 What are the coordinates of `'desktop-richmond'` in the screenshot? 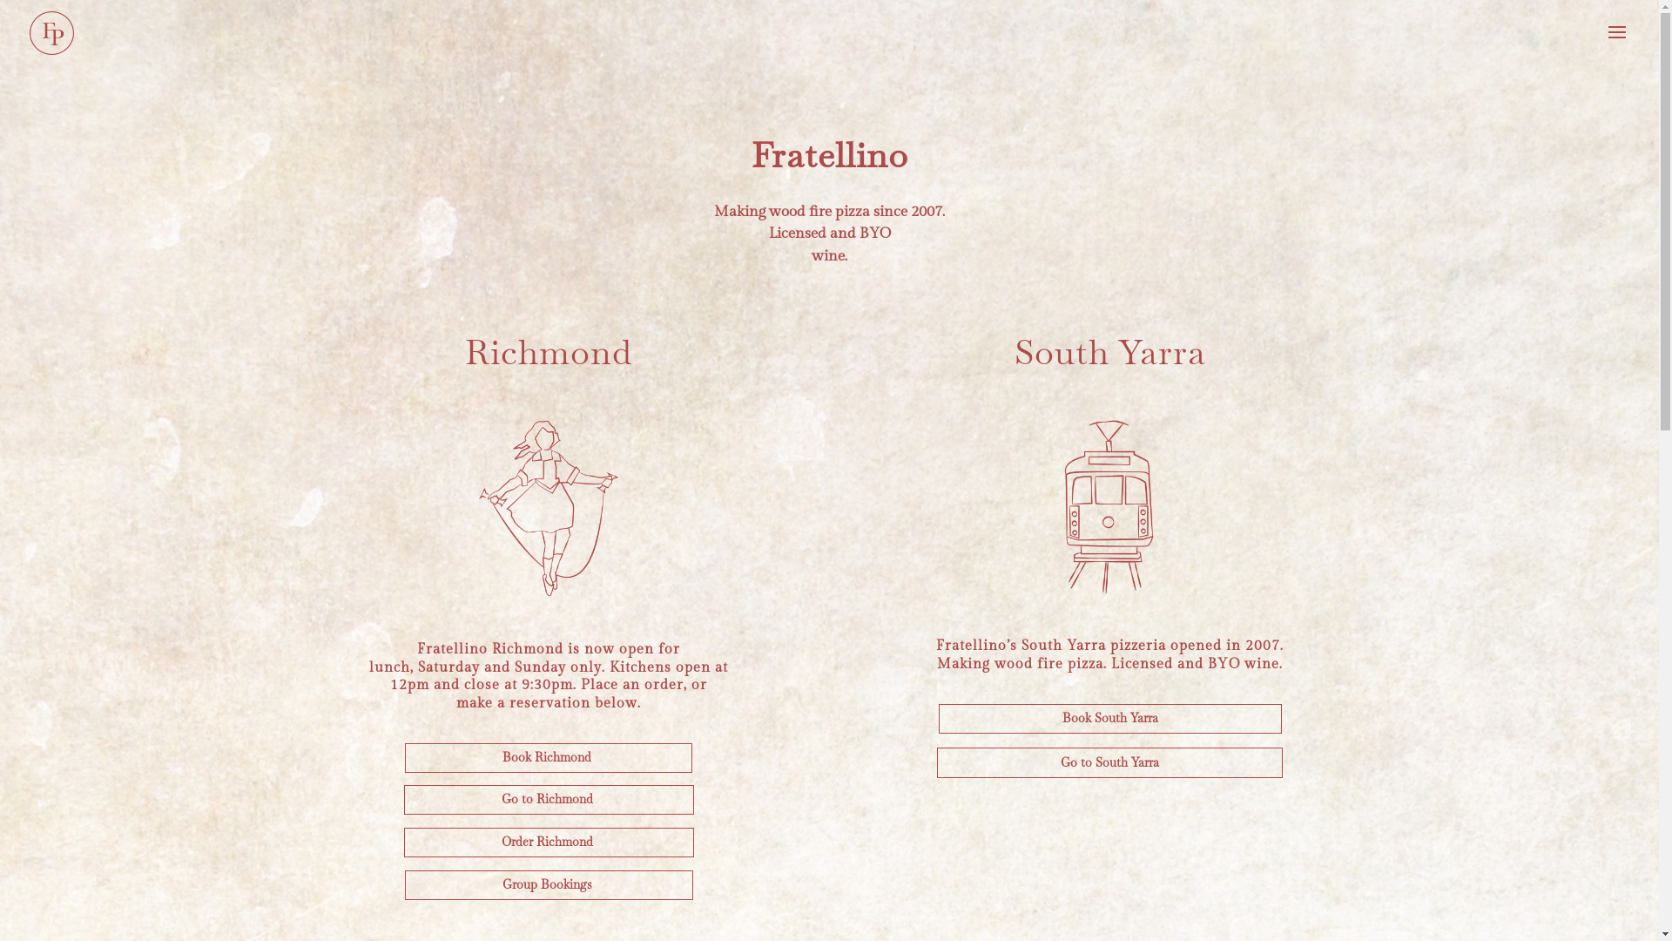 It's located at (458, 508).